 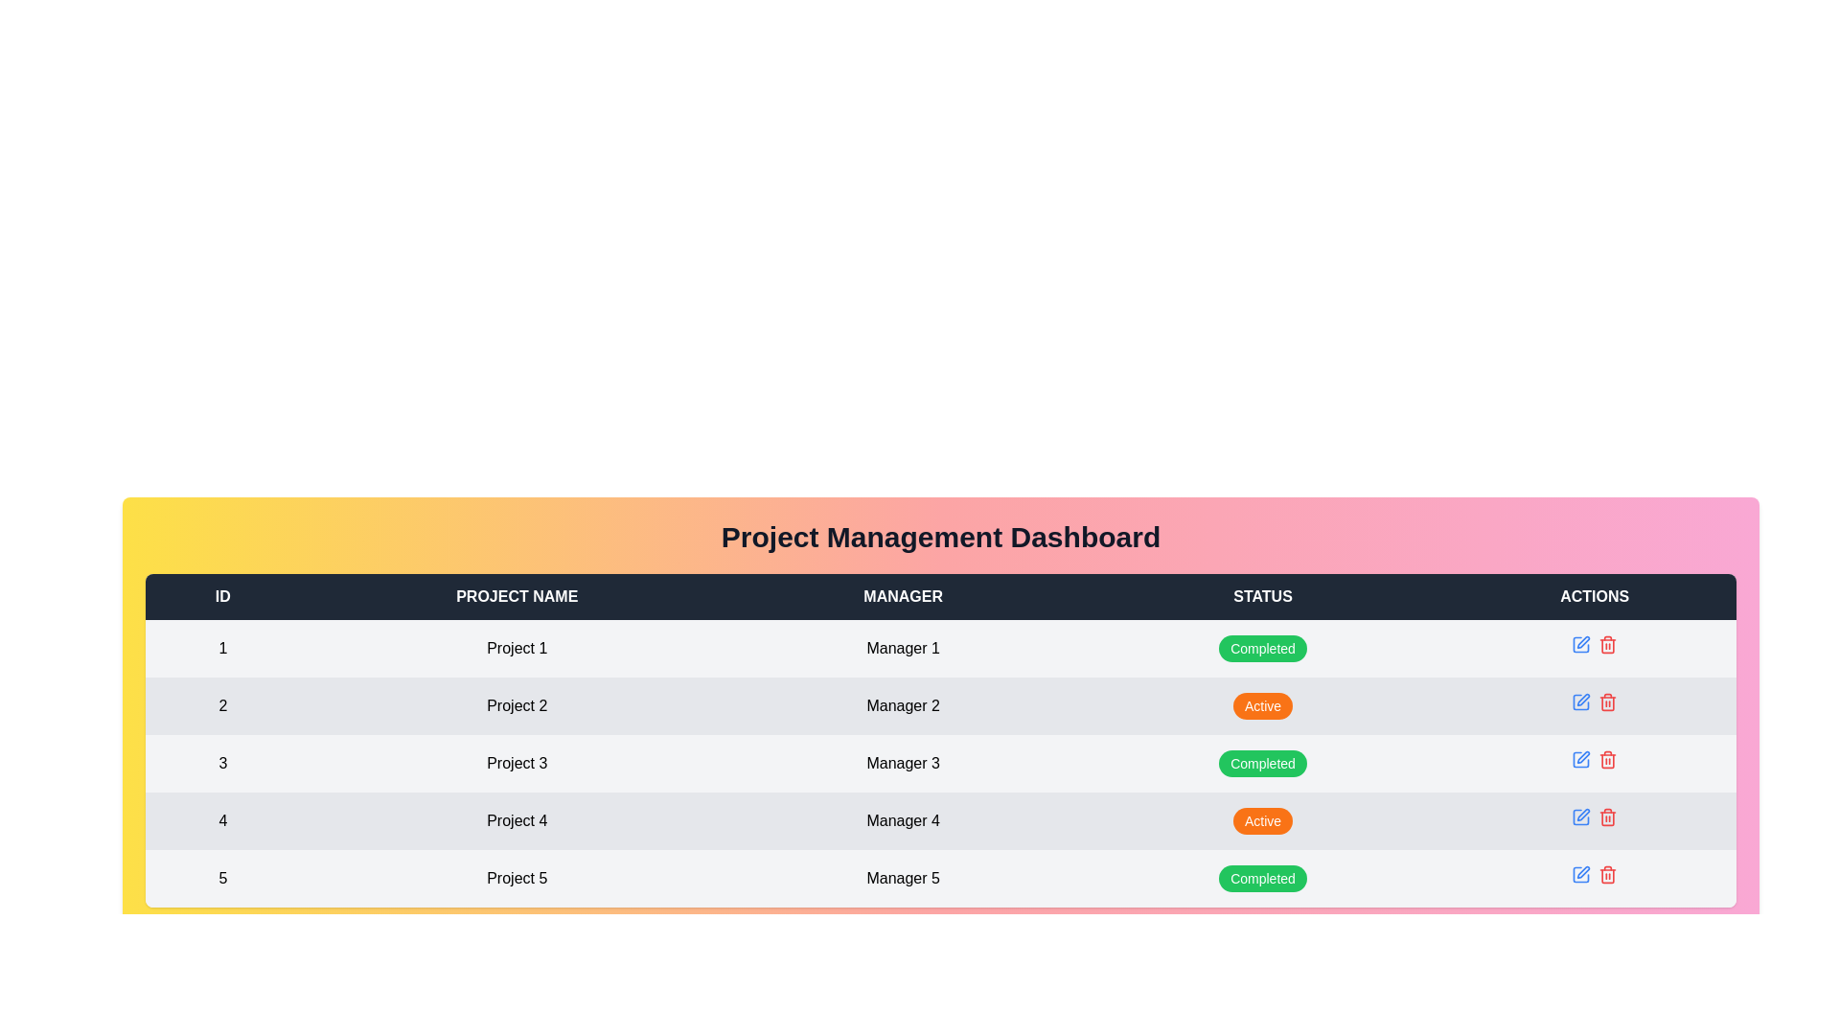 What do you see at coordinates (1263, 648) in the screenshot?
I see `visually distinct 'Completed' Status pill, characterized by its bright green color and white text, located in the first row of the 'Status' column for 'Project 1'` at bounding box center [1263, 648].